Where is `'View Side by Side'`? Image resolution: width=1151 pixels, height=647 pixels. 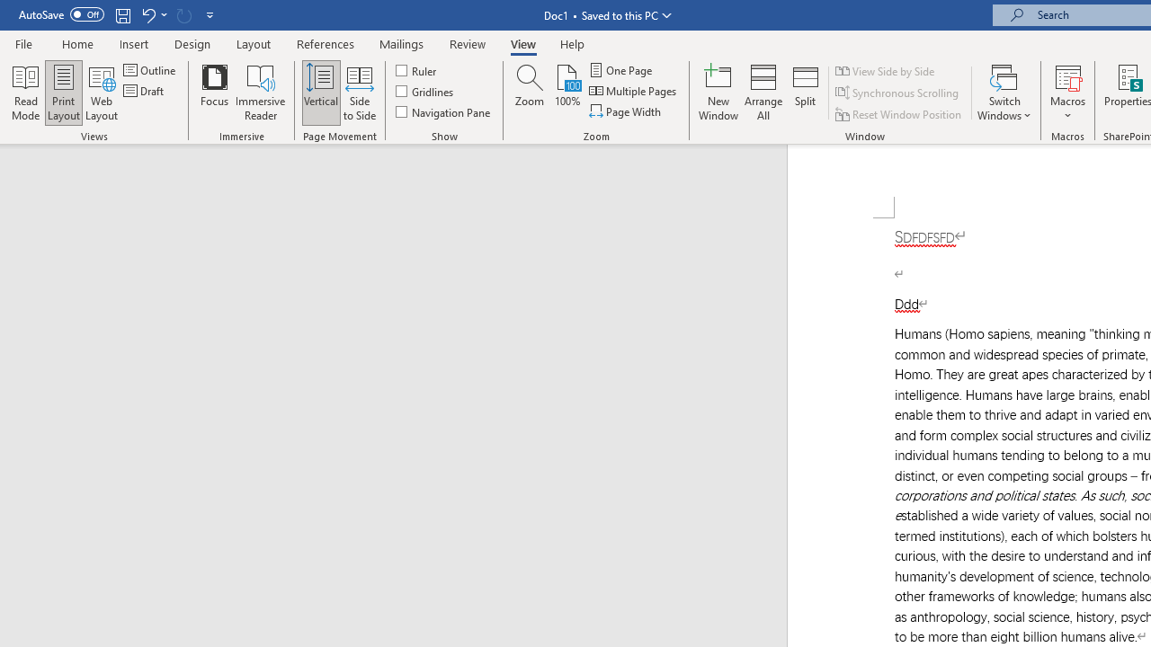
'View Side by Side' is located at coordinates (886, 70).